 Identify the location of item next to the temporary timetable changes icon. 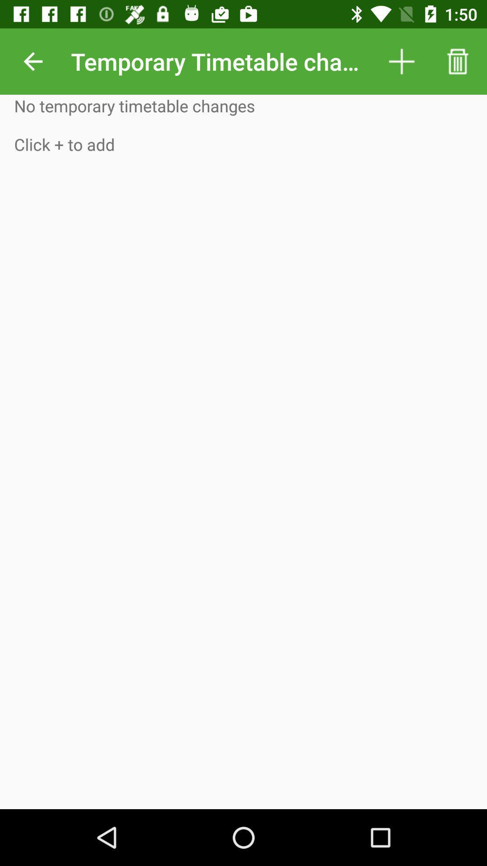
(401, 61).